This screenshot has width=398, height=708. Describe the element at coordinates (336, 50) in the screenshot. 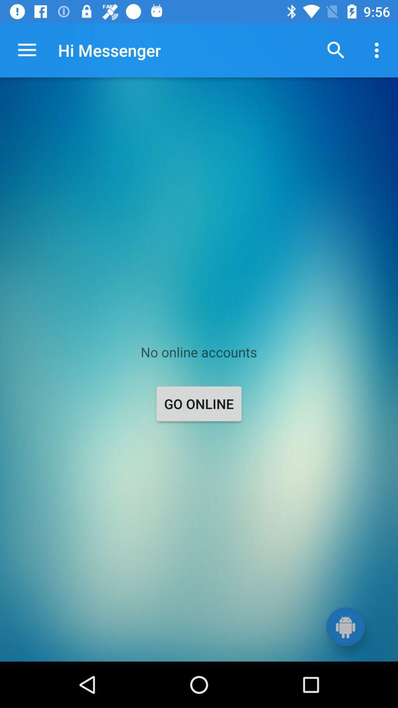

I see `the item to the right of hi messenger item` at that location.